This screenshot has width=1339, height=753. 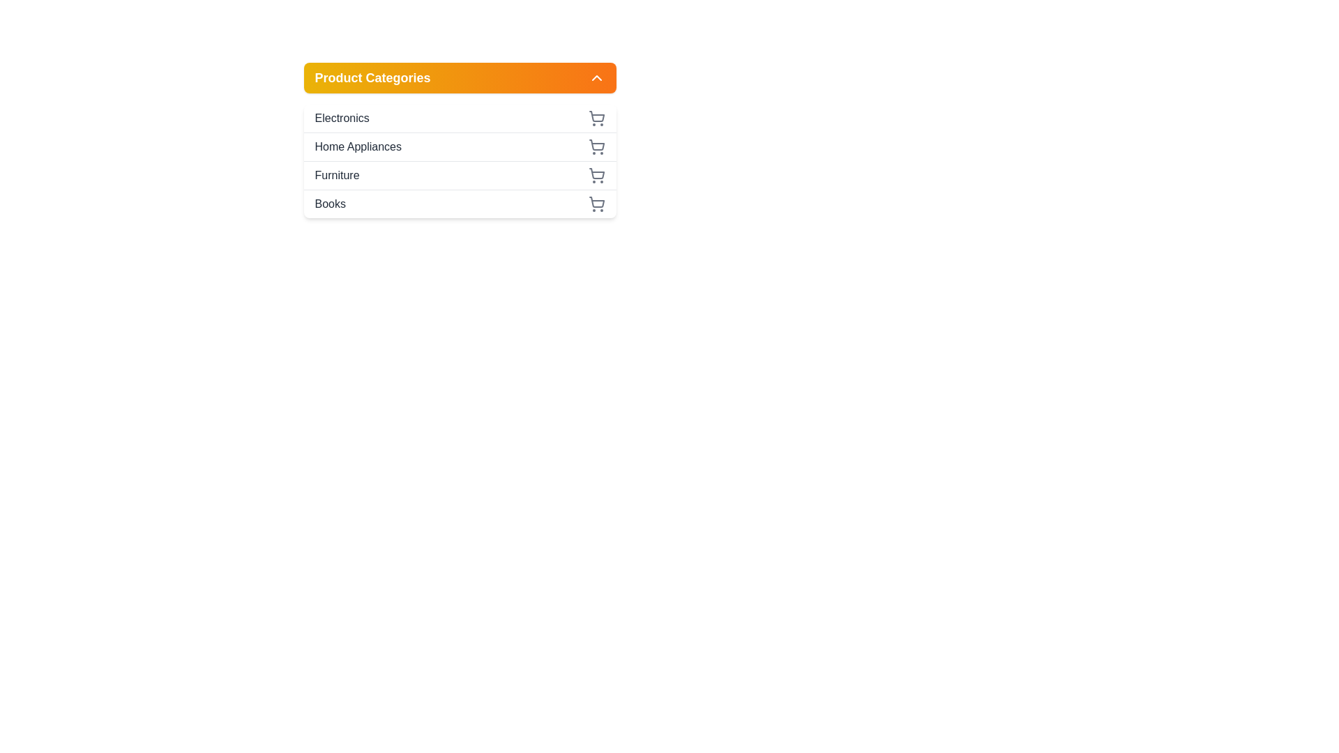 I want to click on the second item in the 'Product Categories' list which is the 'Home Appliances' category option, so click(x=460, y=160).